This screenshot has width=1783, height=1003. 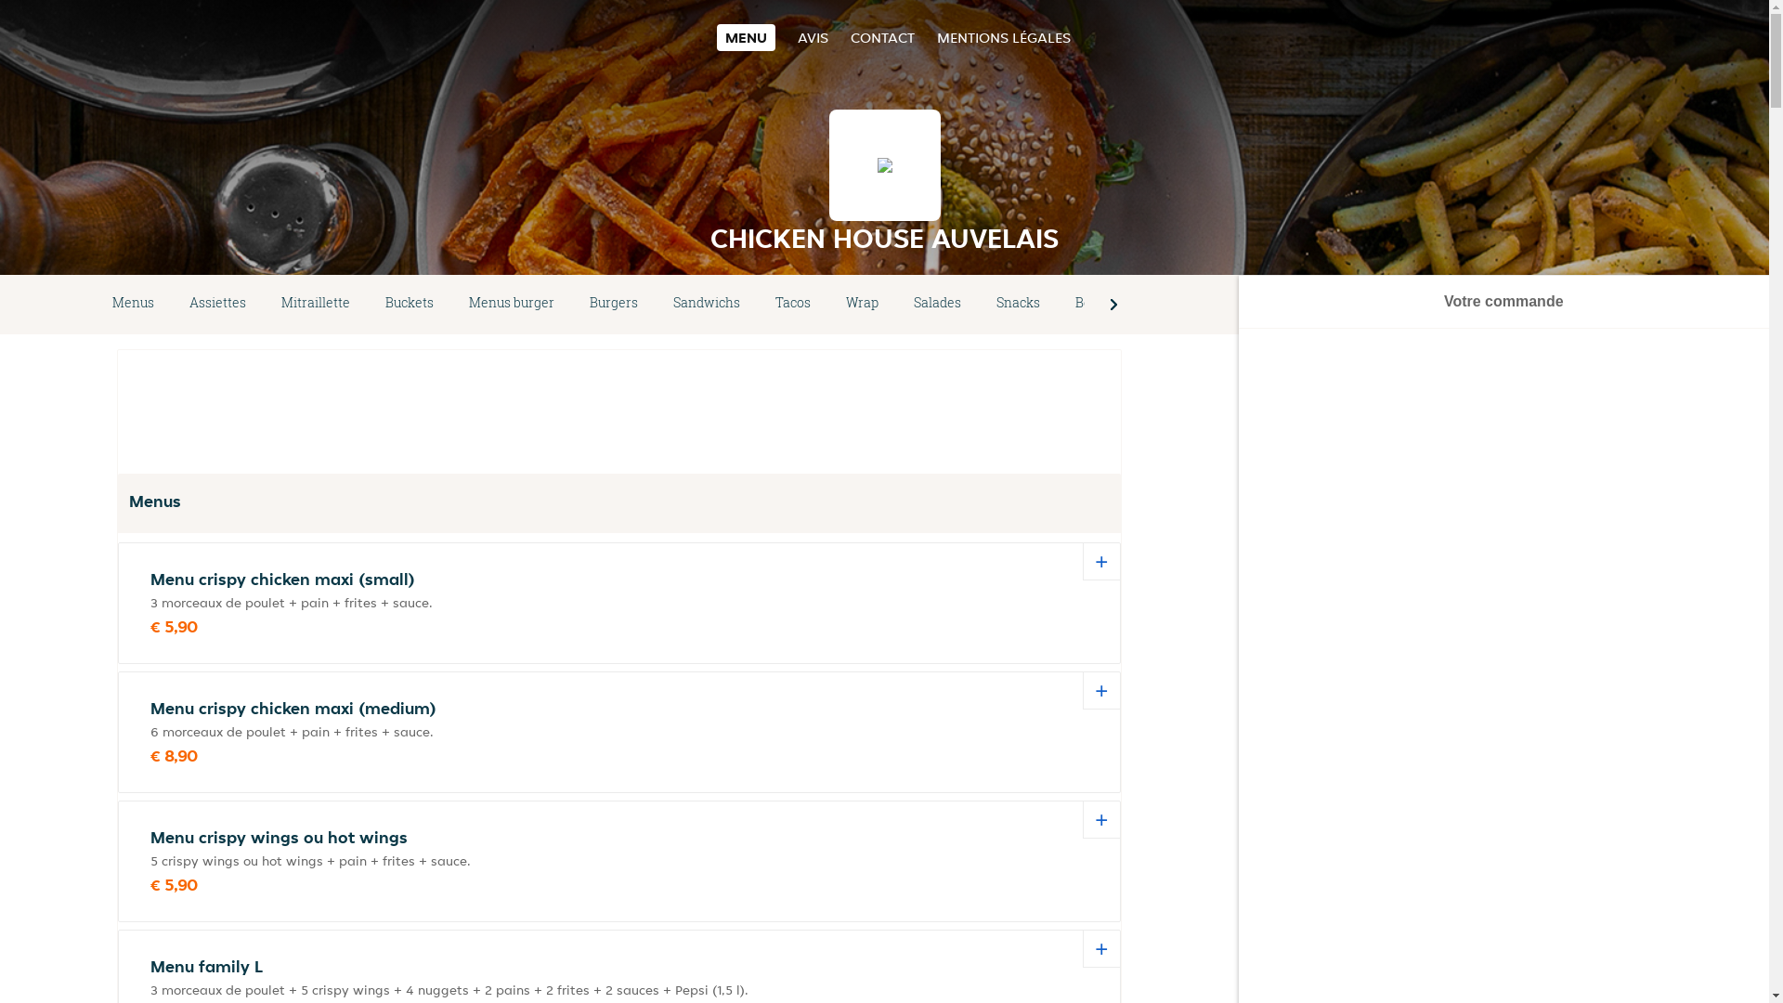 I want to click on 'Assiettes', so click(x=172, y=303).